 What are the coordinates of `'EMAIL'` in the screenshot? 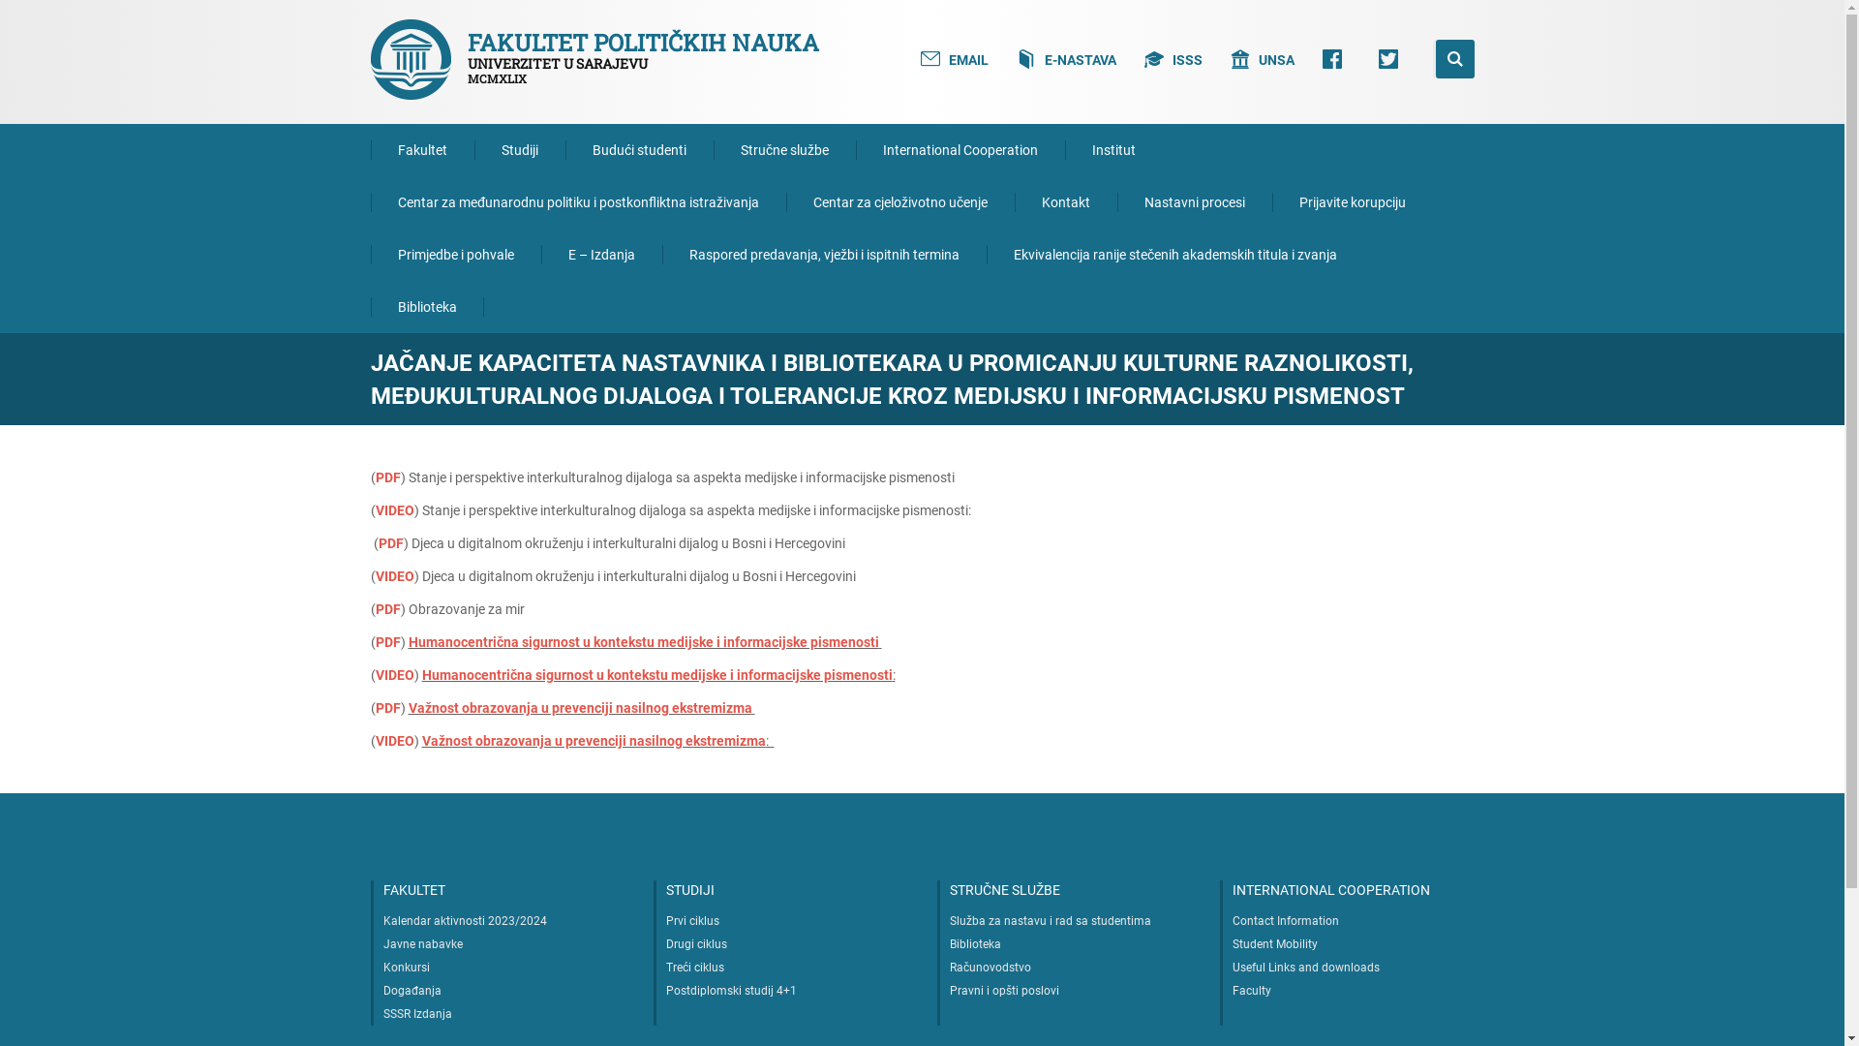 It's located at (954, 58).